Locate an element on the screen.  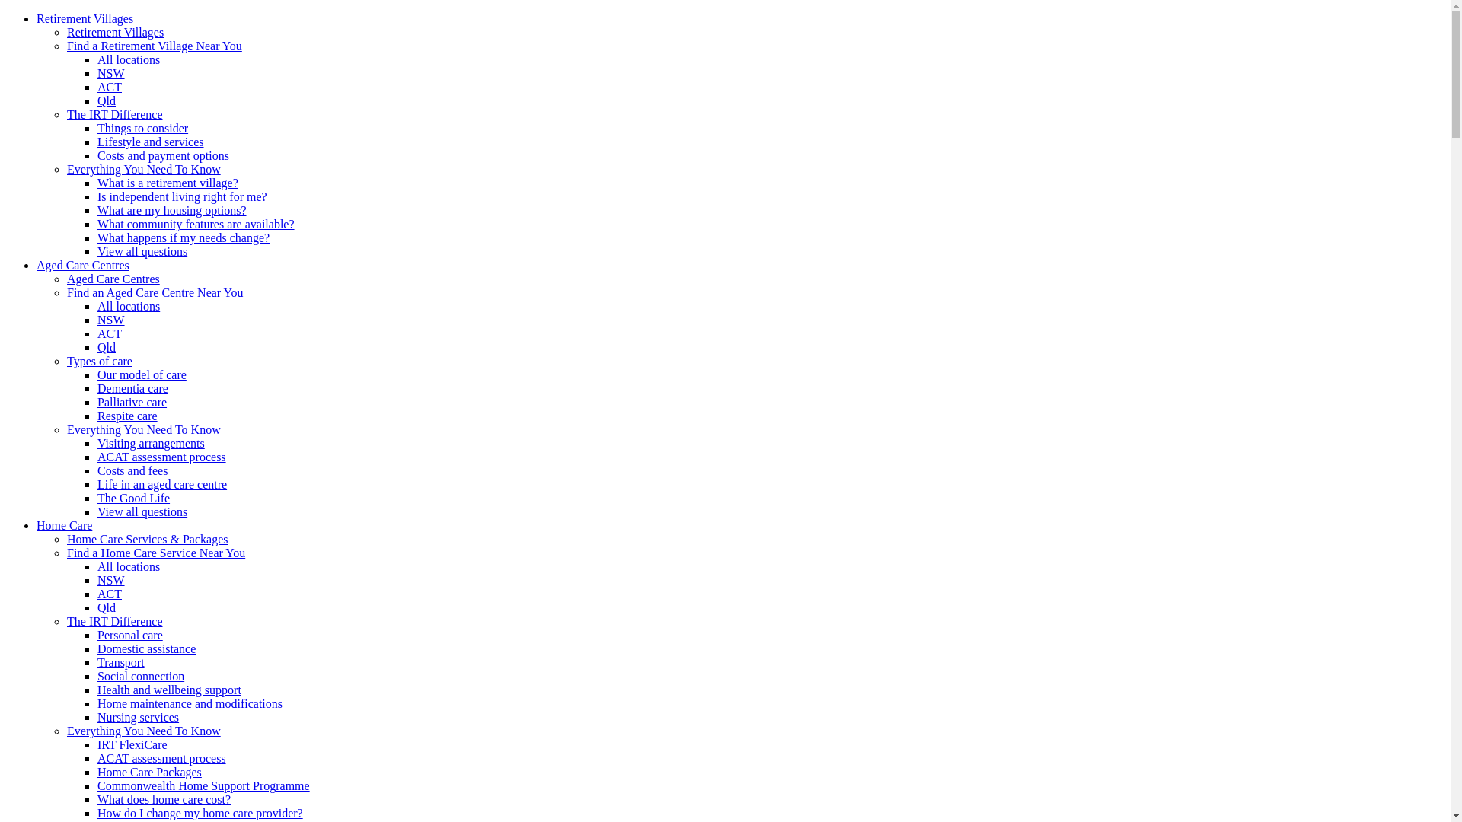
'Commonwealth Home Support Programme' is located at coordinates (203, 785).